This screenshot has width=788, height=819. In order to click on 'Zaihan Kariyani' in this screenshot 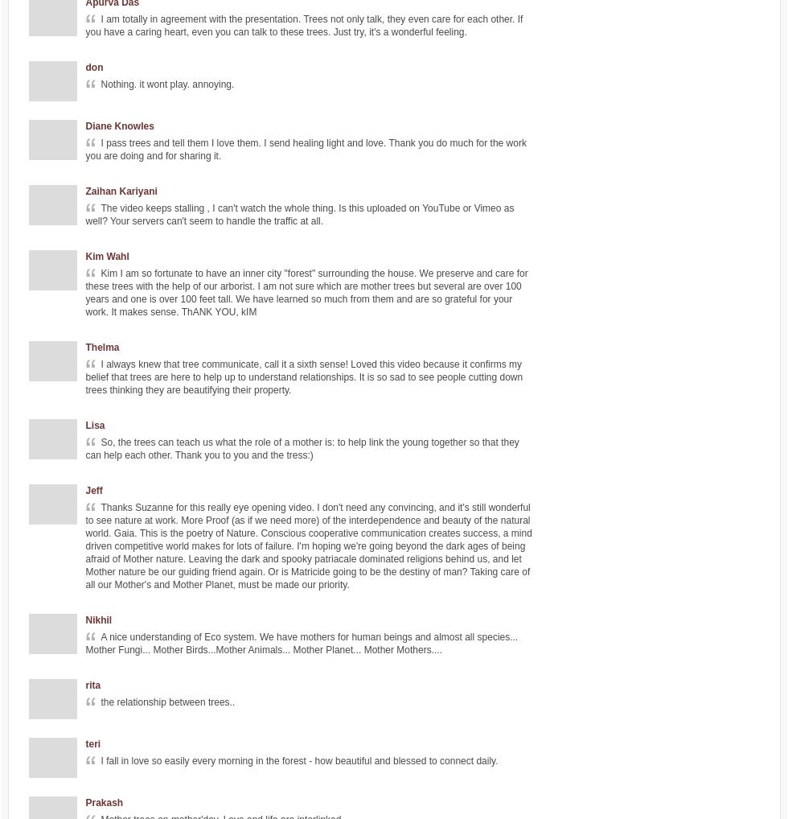, I will do `click(85, 191)`.